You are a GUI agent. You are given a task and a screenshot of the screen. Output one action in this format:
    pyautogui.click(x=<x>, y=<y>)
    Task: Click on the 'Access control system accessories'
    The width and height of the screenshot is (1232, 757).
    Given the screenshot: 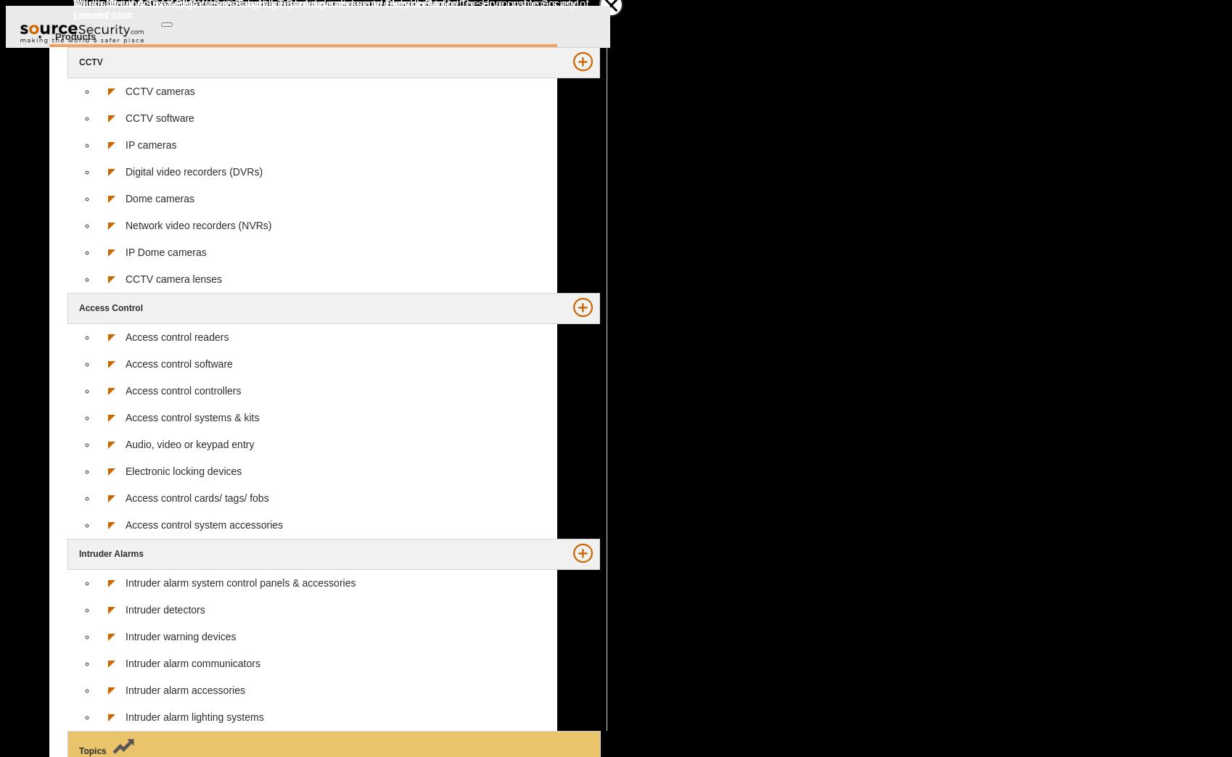 What is the action you would take?
    pyautogui.click(x=203, y=524)
    